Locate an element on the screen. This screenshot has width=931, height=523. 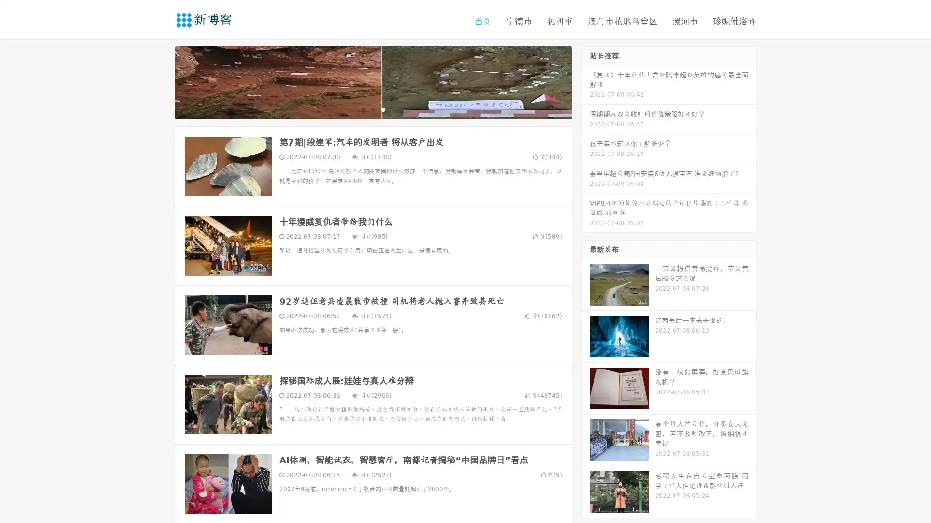
Go to slide 1 is located at coordinates (363, 109).